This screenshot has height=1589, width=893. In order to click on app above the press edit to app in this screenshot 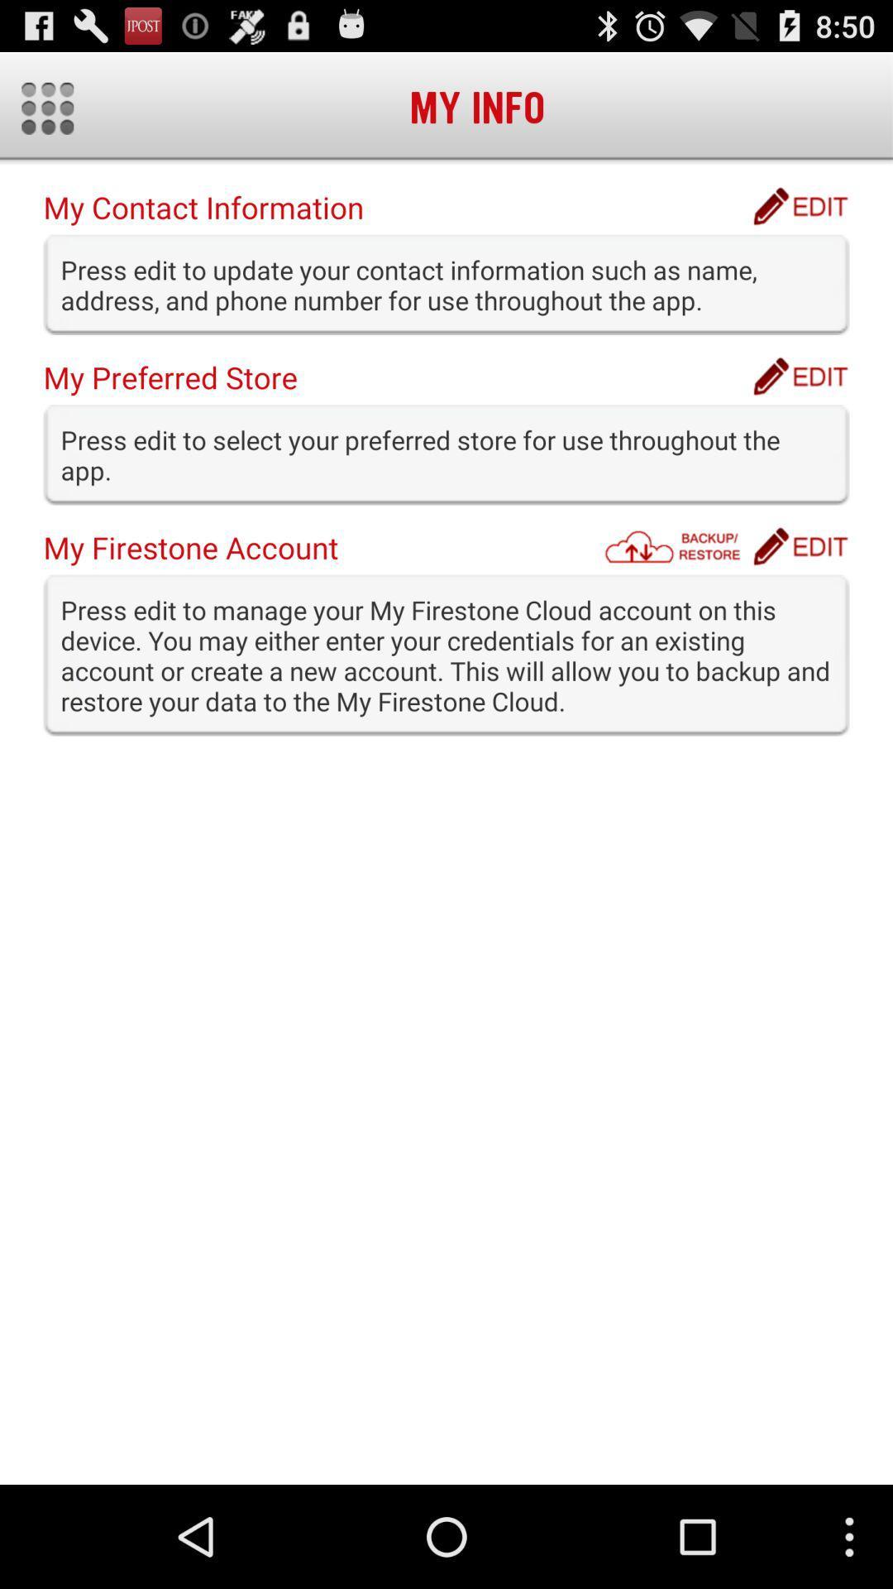, I will do `click(800, 546)`.